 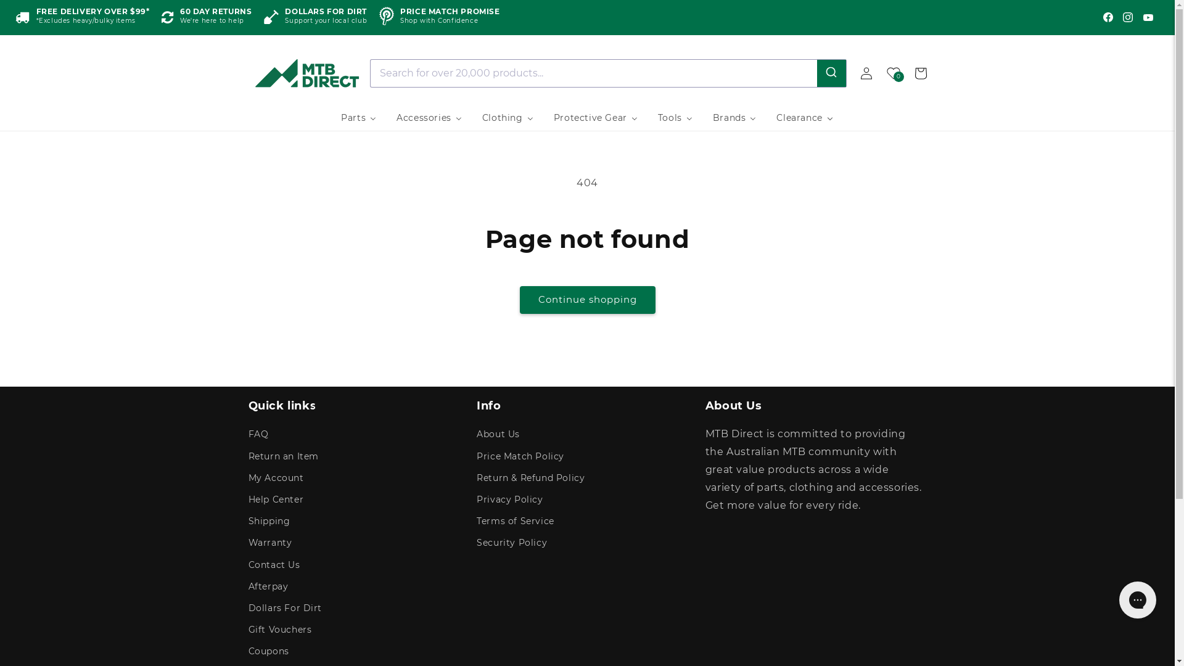 I want to click on 'Gorgias live chat messenger', so click(x=1137, y=599).